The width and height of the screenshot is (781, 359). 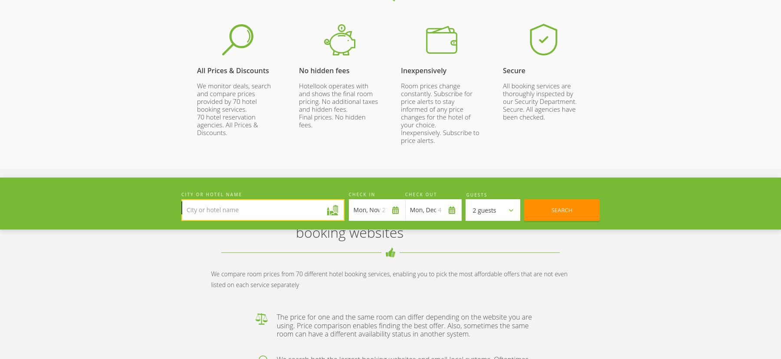 What do you see at coordinates (216, 53) in the screenshot?
I see `'252 000'` at bounding box center [216, 53].